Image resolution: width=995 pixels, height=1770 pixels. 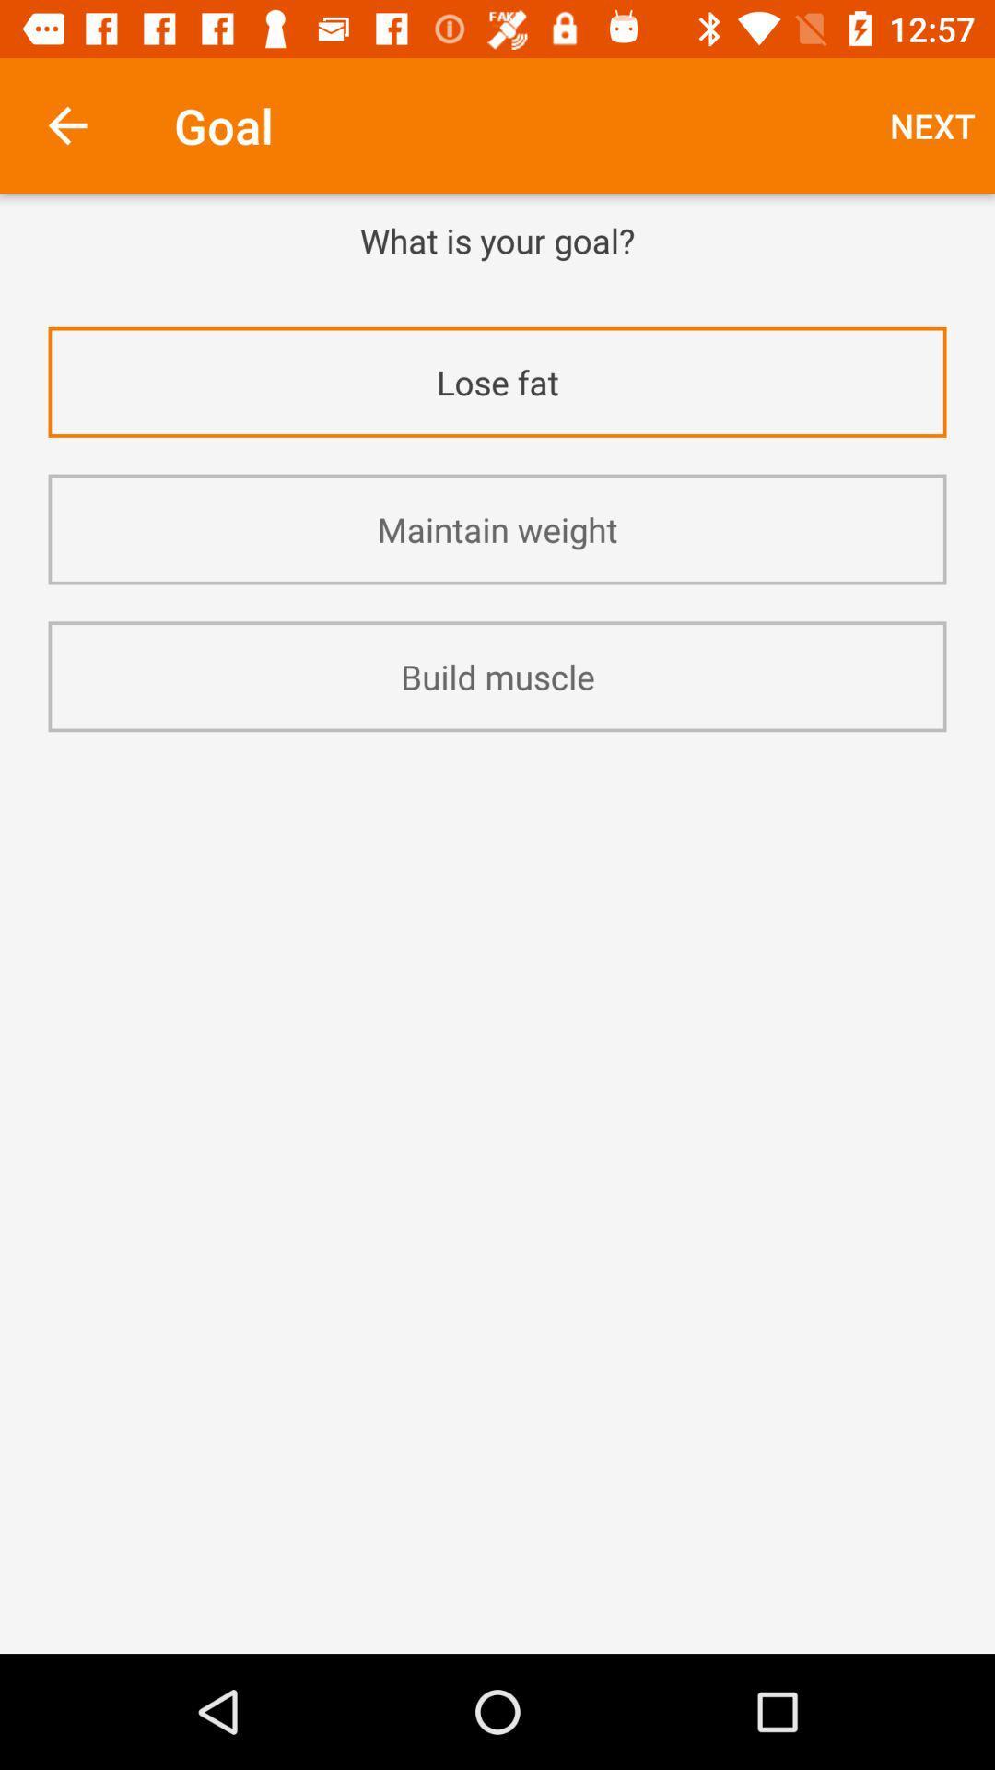 I want to click on the what is your, so click(x=497, y=239).